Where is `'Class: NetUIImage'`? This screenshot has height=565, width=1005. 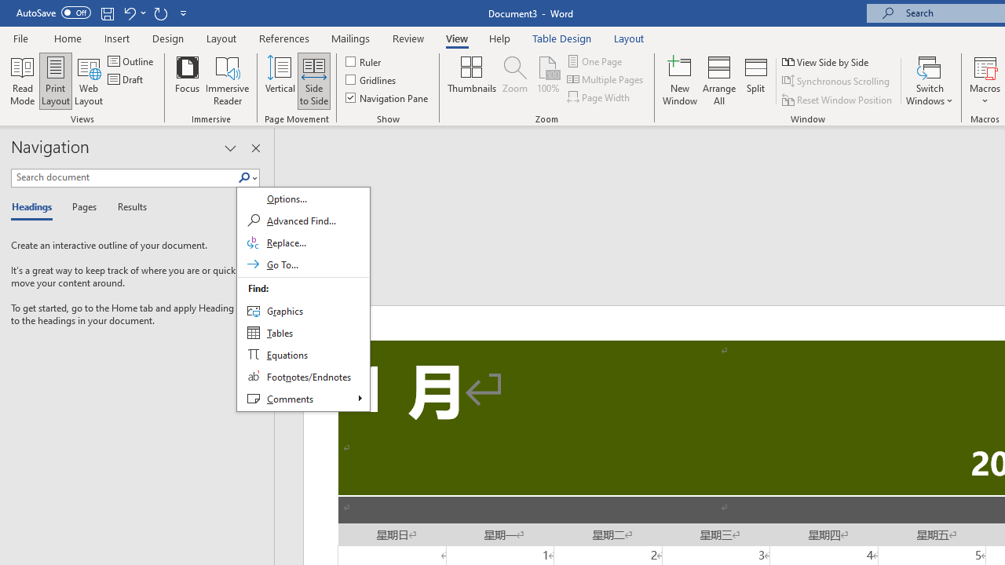
'Class: NetUIImage' is located at coordinates (243, 177).